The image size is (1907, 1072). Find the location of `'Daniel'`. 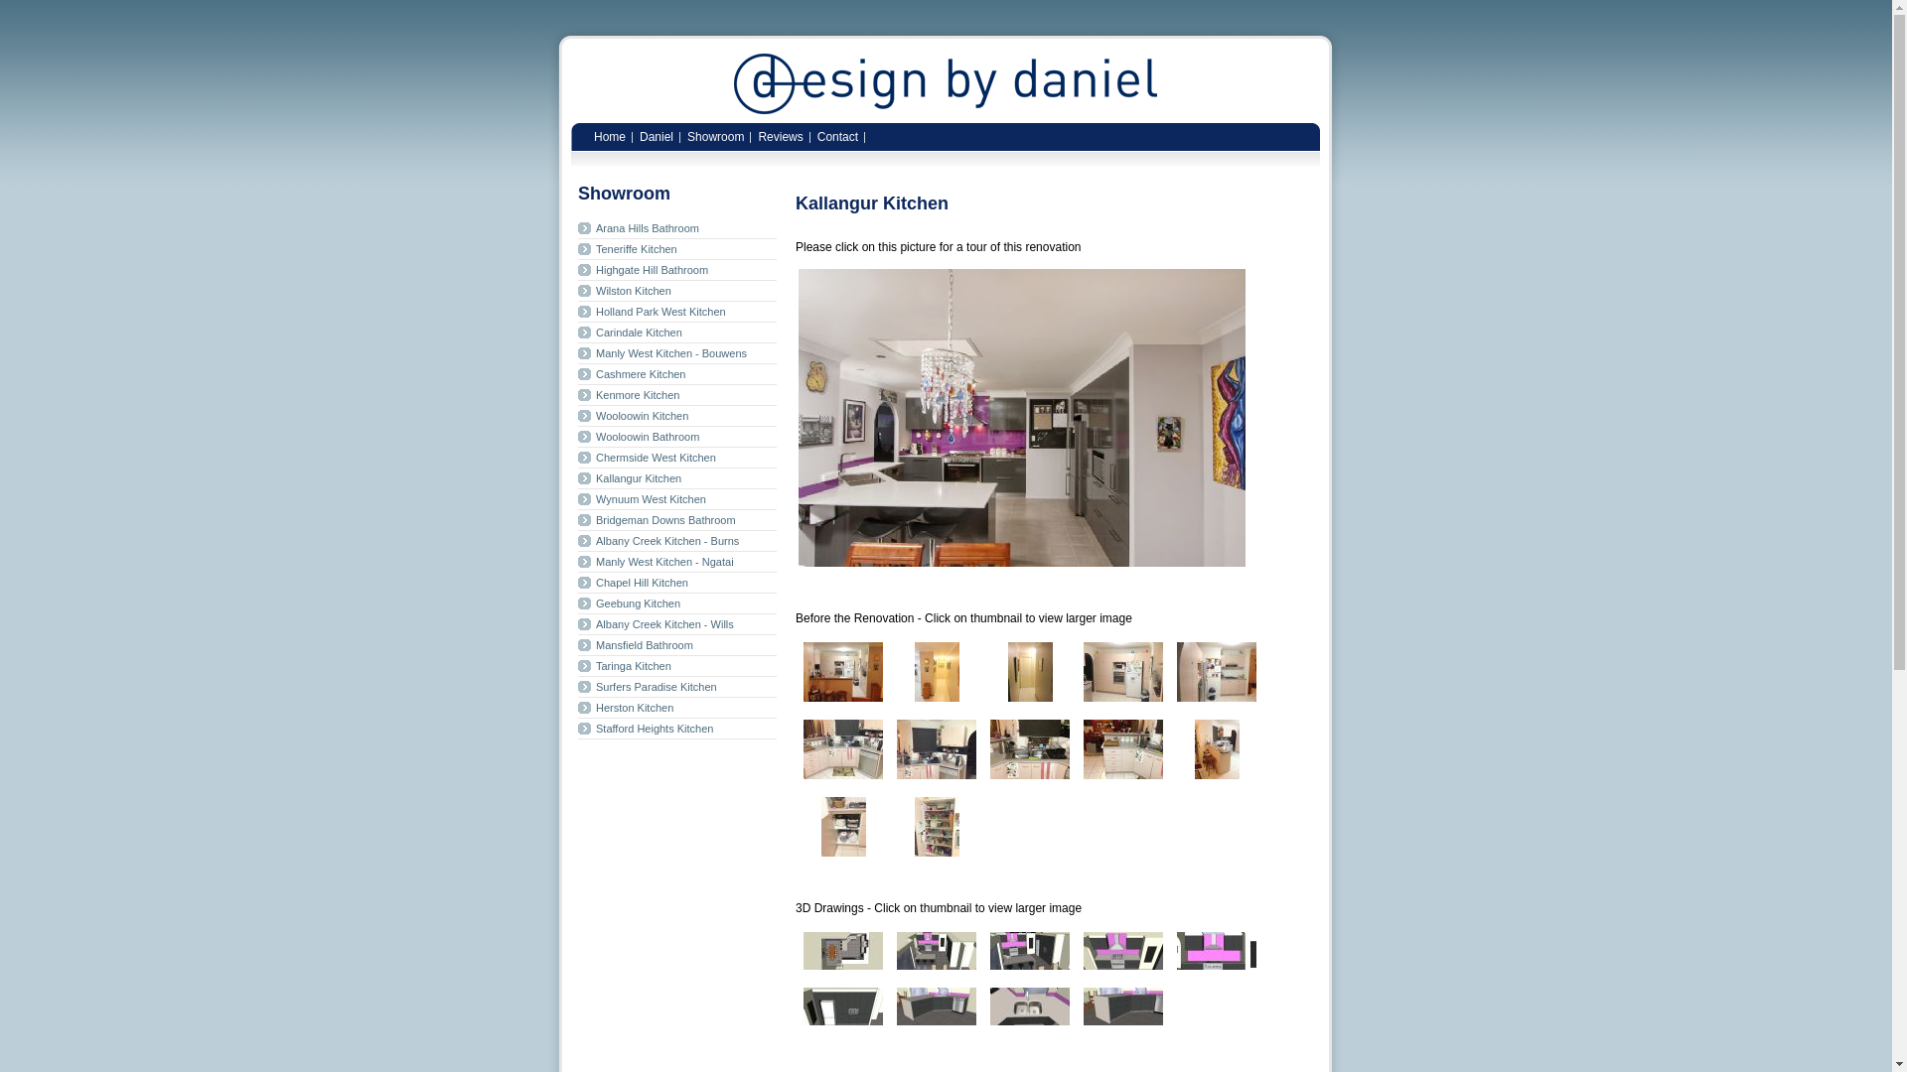

'Daniel' is located at coordinates (657, 134).